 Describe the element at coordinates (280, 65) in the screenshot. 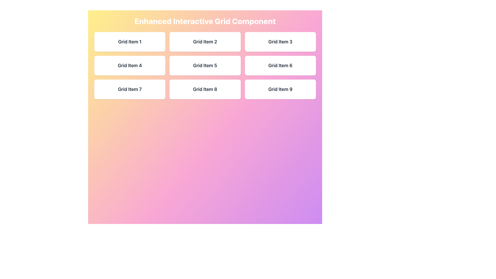

I see `to select the Grid item labeled 'Grid Item 6', which is a rectangular item with a white background and rounded corners located in the second row and third column of a 3x3 grid` at that location.